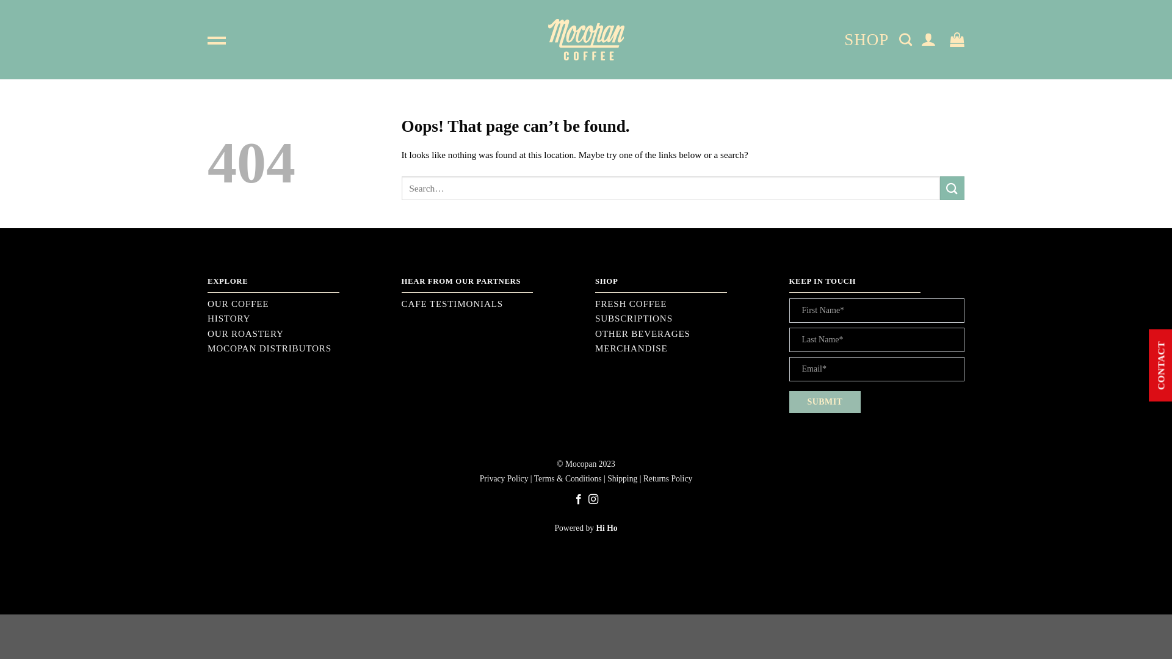  Describe the element at coordinates (622, 478) in the screenshot. I see `'Shipping'` at that location.